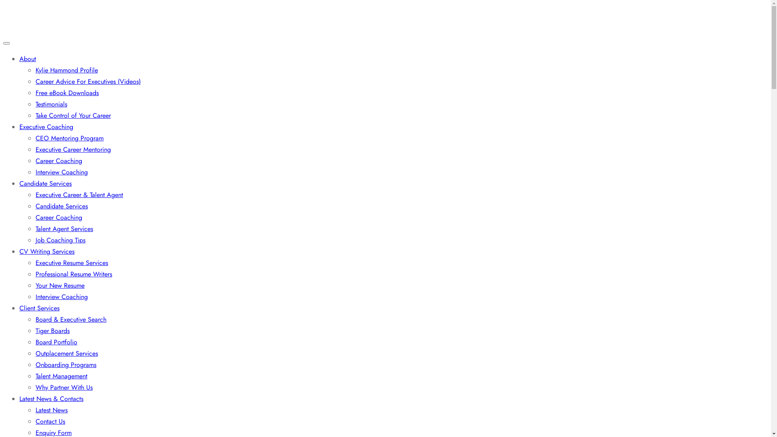 The image size is (777, 437). Describe the element at coordinates (64, 229) in the screenshot. I see `'Talent Agent Services'` at that location.